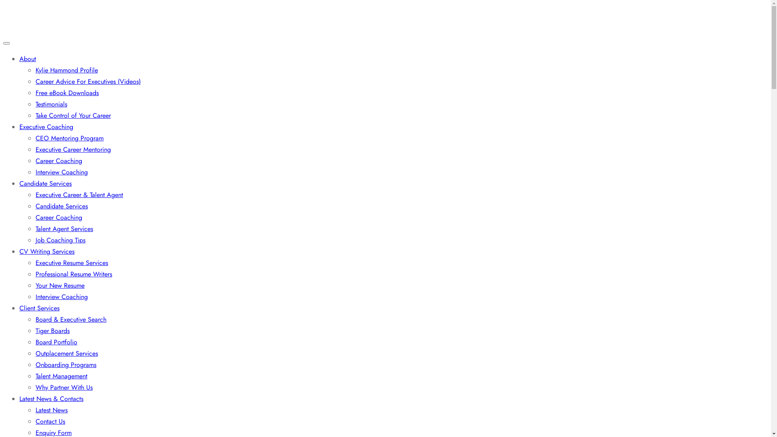 The image size is (777, 437). Describe the element at coordinates (64, 229) in the screenshot. I see `'Talent Agent Services'` at that location.